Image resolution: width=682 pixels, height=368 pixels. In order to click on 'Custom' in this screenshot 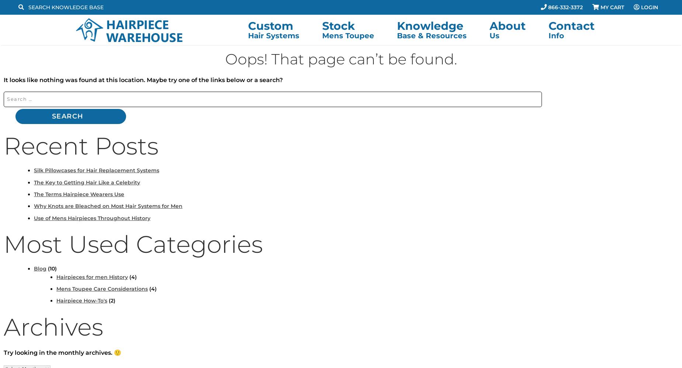, I will do `click(270, 25)`.